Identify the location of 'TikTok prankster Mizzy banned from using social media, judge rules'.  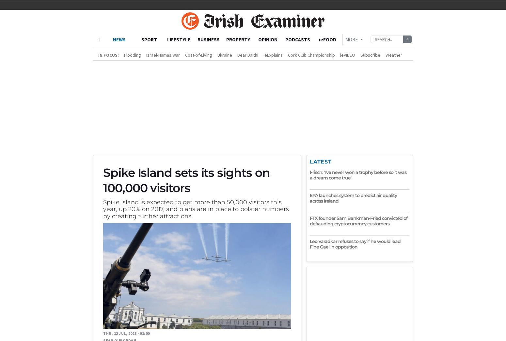
(258, 277).